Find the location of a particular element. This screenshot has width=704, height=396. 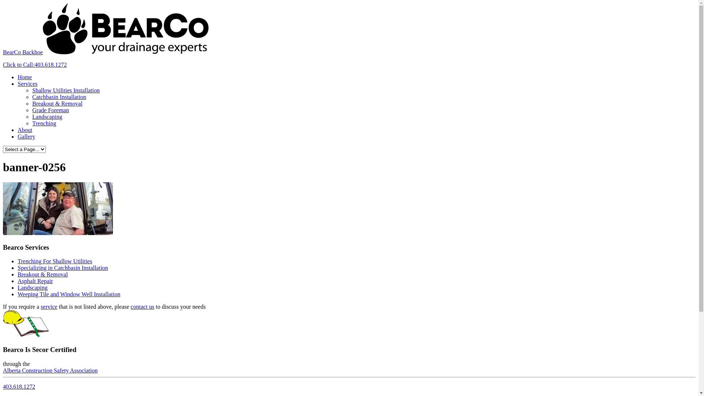

'Landscaping' is located at coordinates (47, 116).